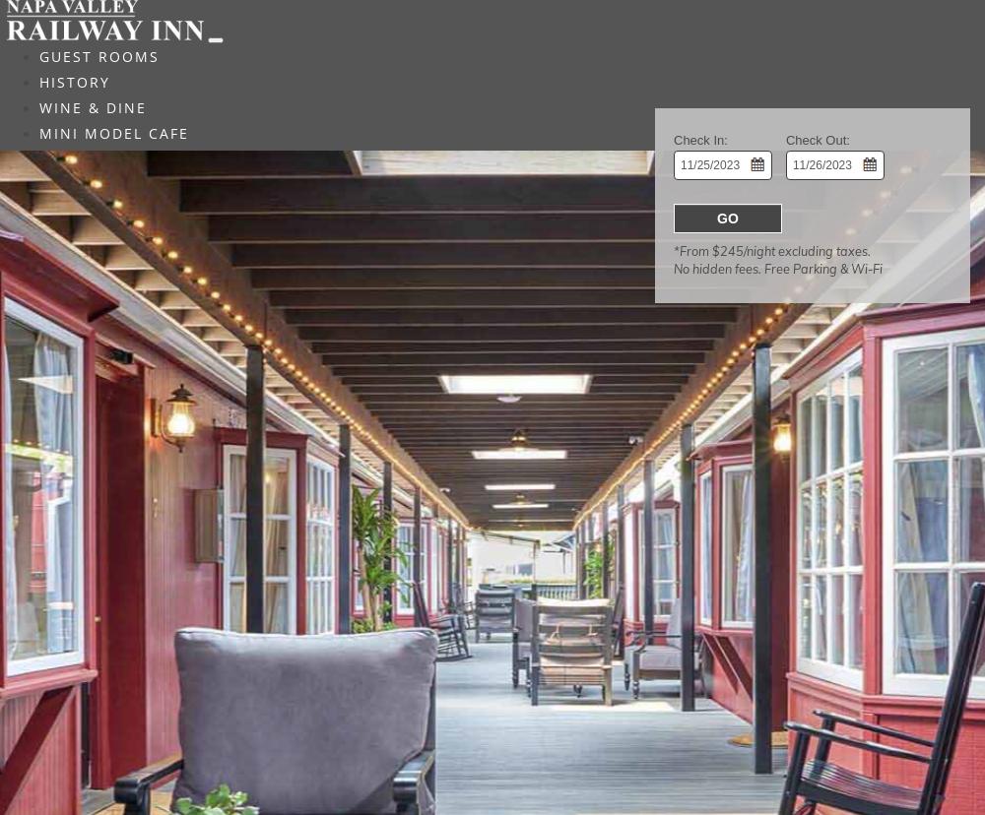 This screenshot has width=985, height=815. I want to click on 'WINE & DINE', so click(92, 106).